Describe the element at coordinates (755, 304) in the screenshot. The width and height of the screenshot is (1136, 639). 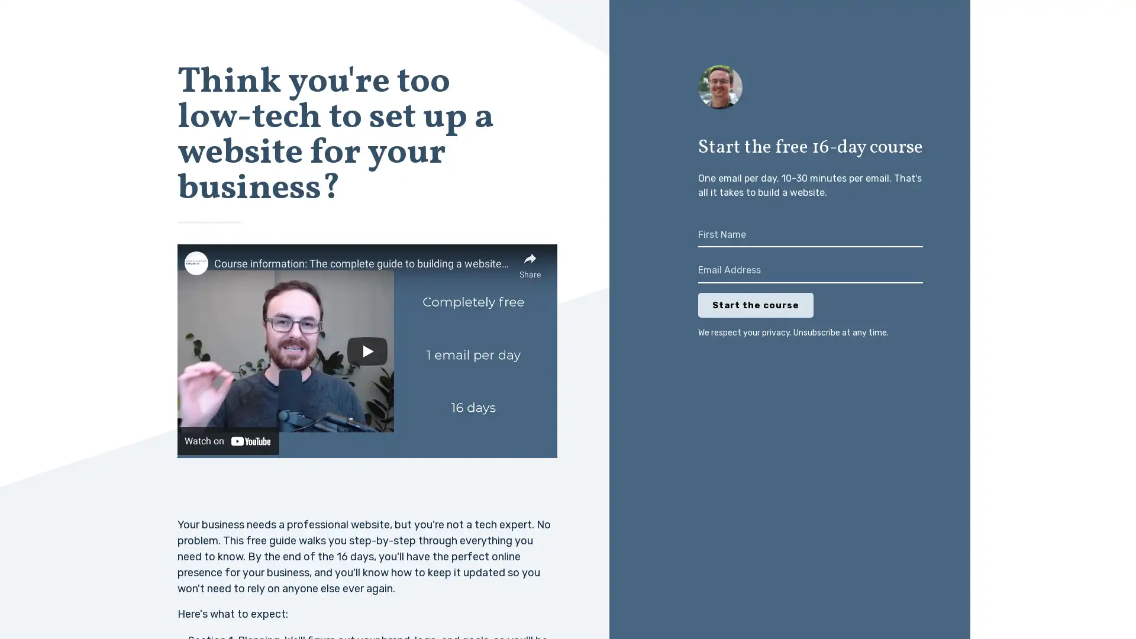
I see `Start the course` at that location.